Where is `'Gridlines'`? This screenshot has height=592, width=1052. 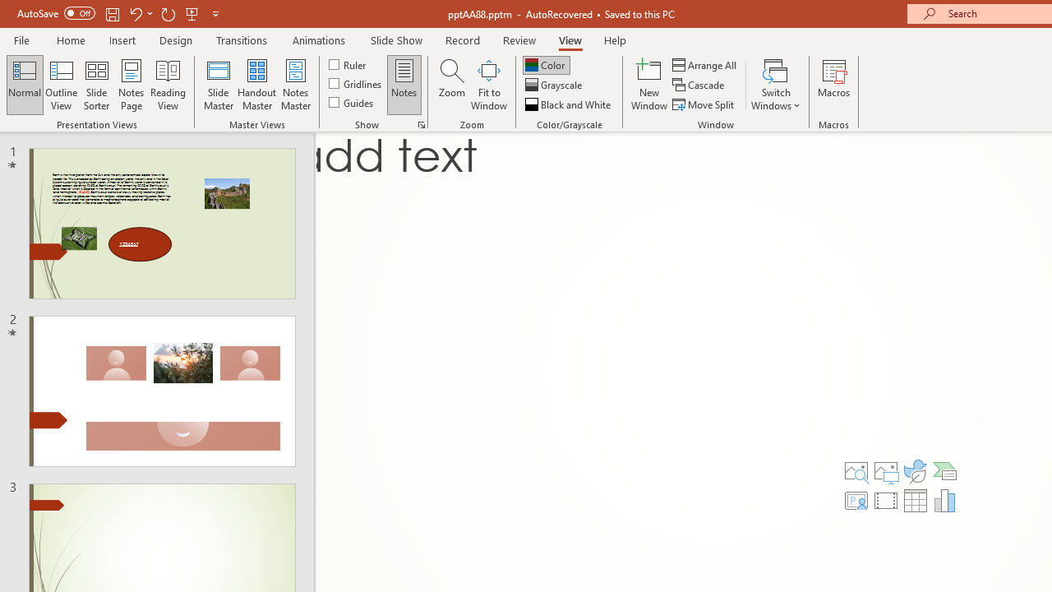 'Gridlines' is located at coordinates (355, 83).